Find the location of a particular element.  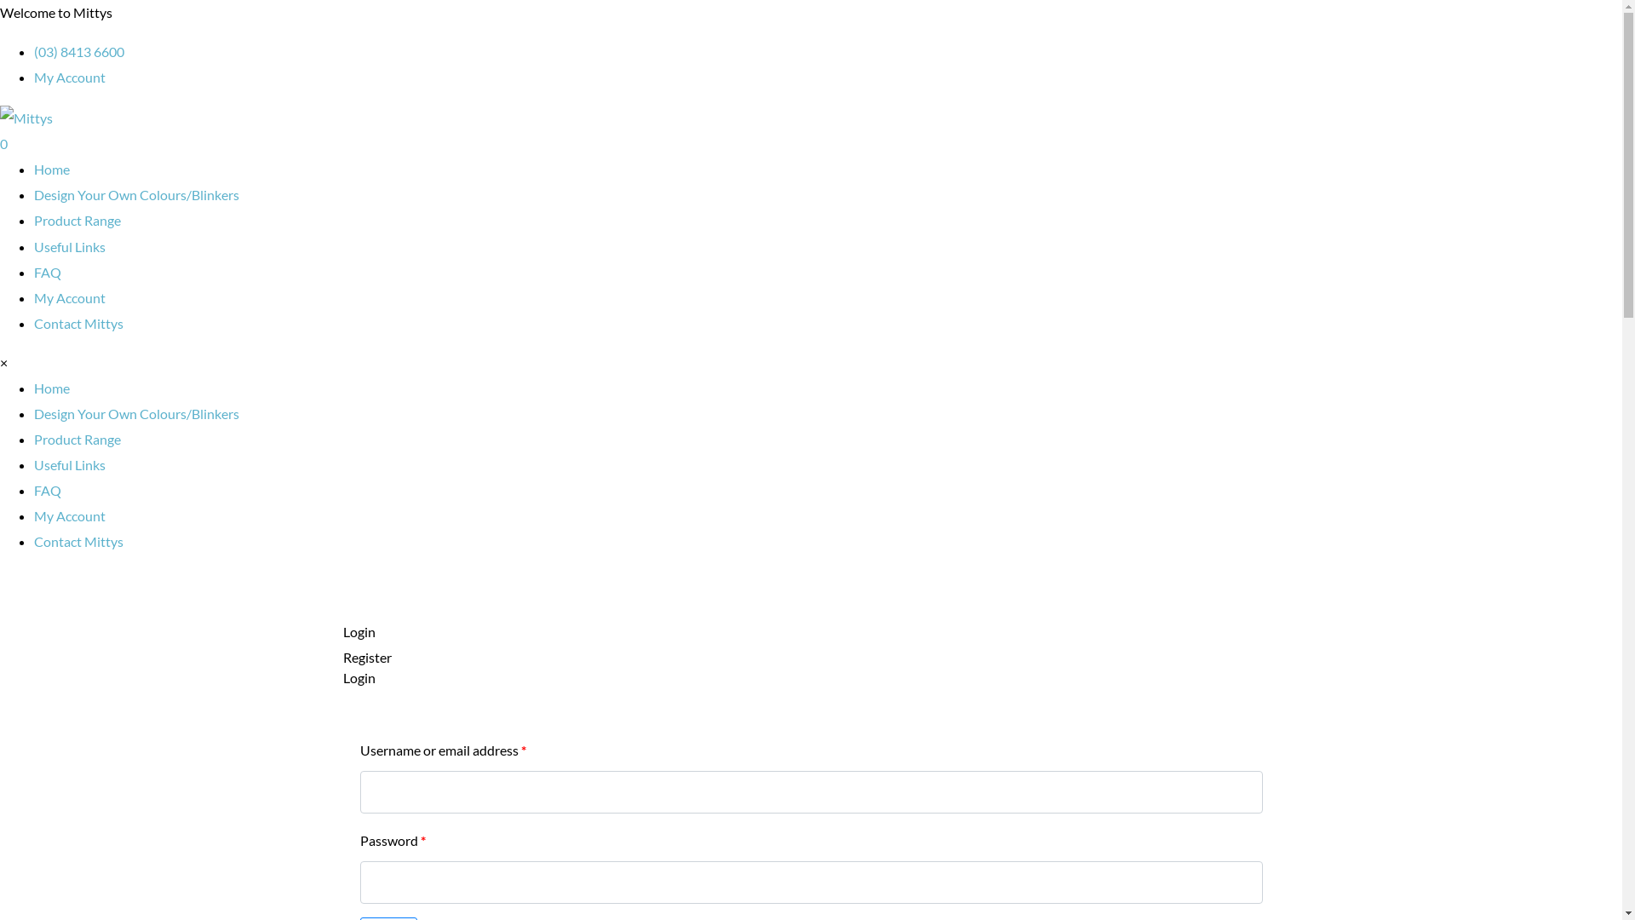

'Home' is located at coordinates (33, 388).